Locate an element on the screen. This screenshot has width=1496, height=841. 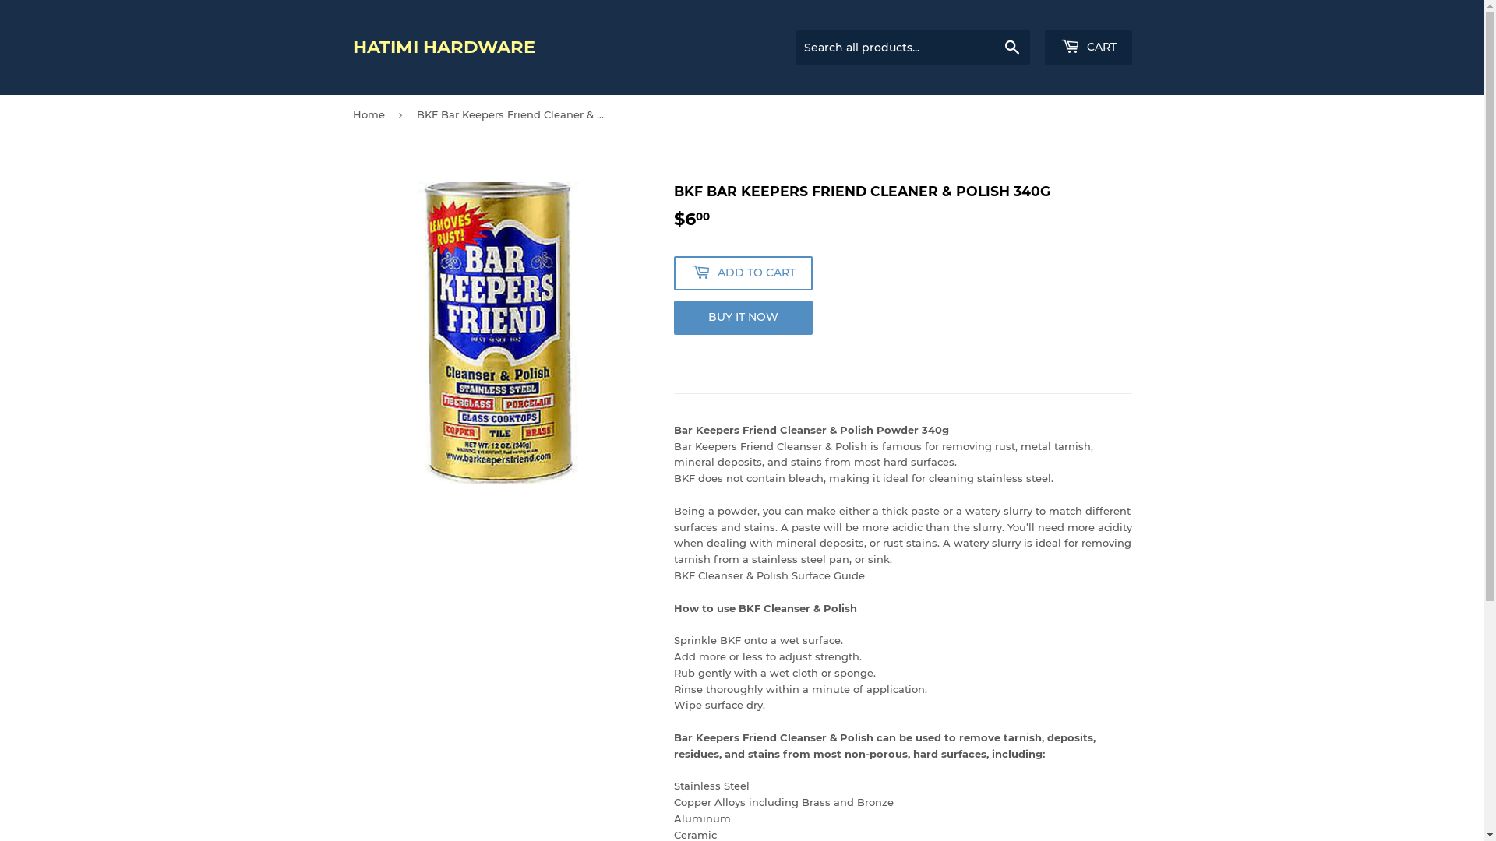
'CART' is located at coordinates (1087, 47).